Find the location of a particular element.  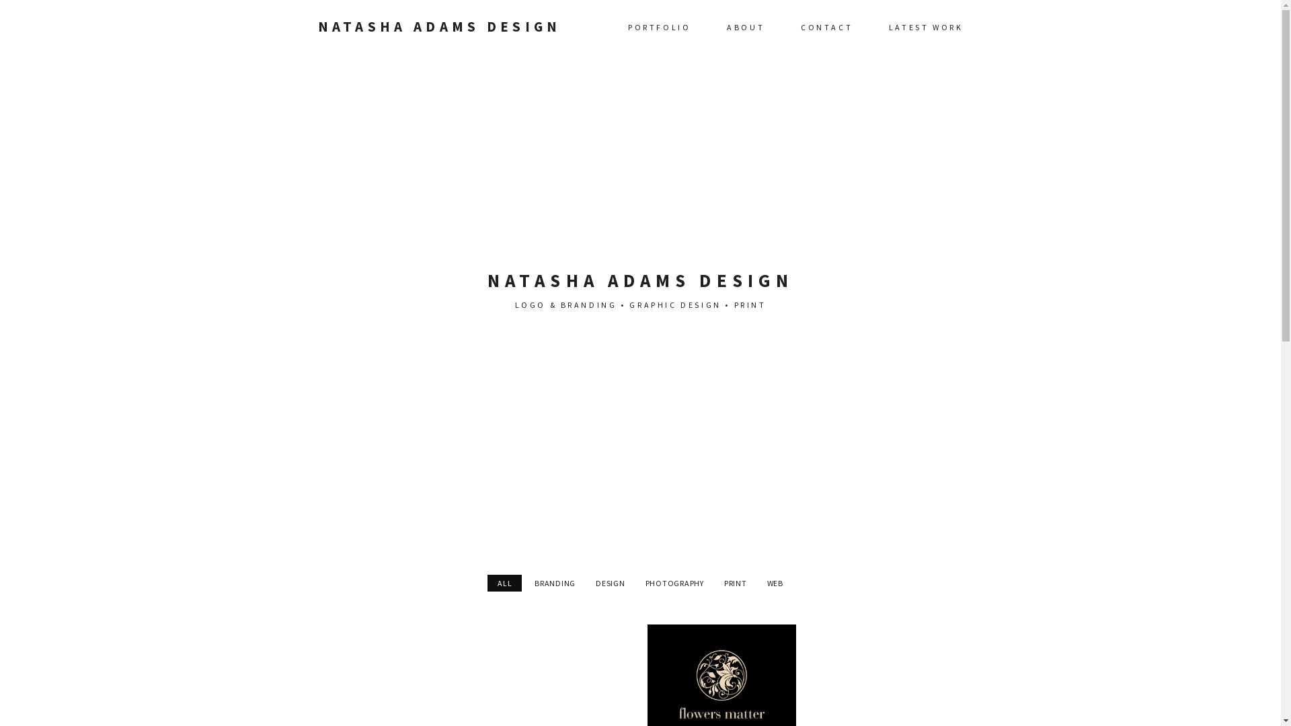

'BRANDING' is located at coordinates (555, 582).